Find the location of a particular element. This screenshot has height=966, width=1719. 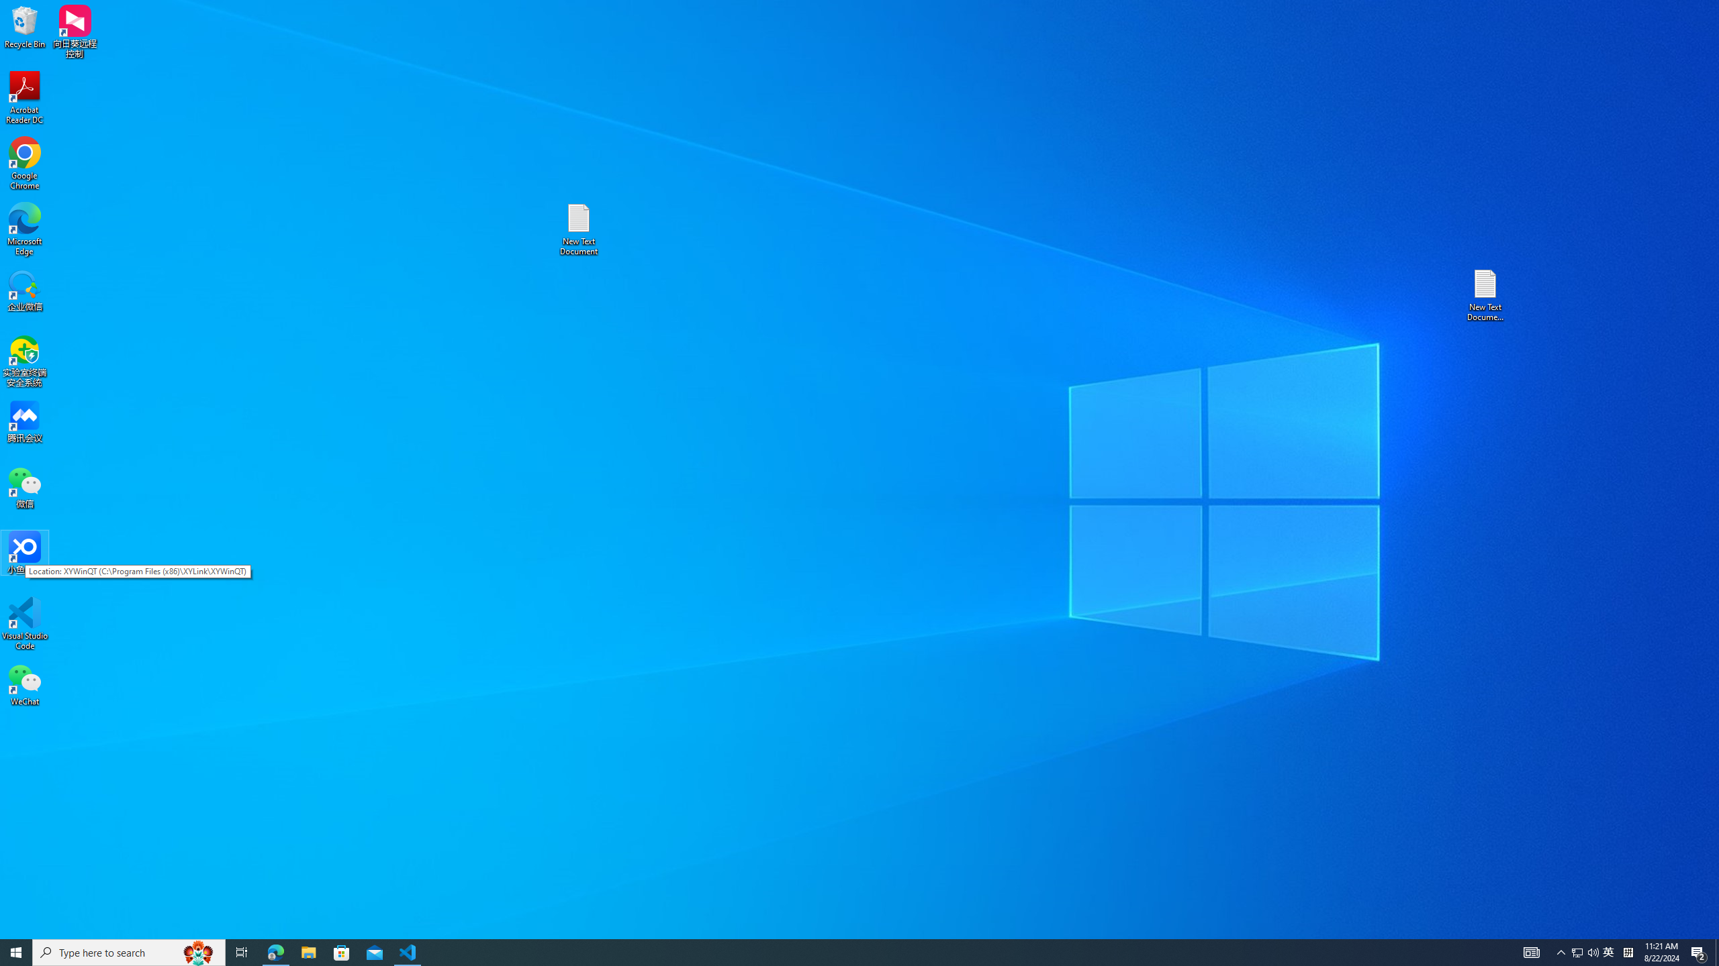

'Acrobat Reader DC' is located at coordinates (24, 97).